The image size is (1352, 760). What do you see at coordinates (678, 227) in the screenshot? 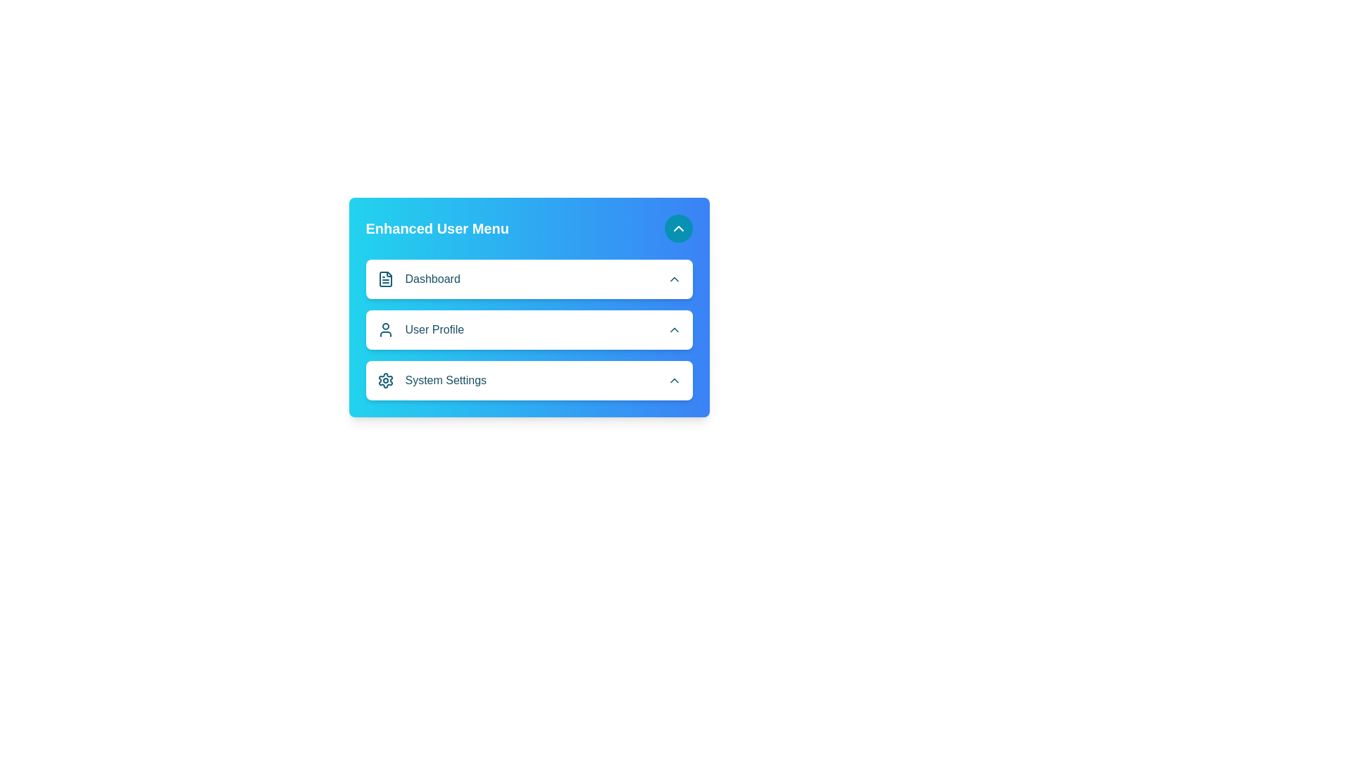
I see `the toggle button located at the top-right corner of the 'Enhanced User Menu'` at bounding box center [678, 227].